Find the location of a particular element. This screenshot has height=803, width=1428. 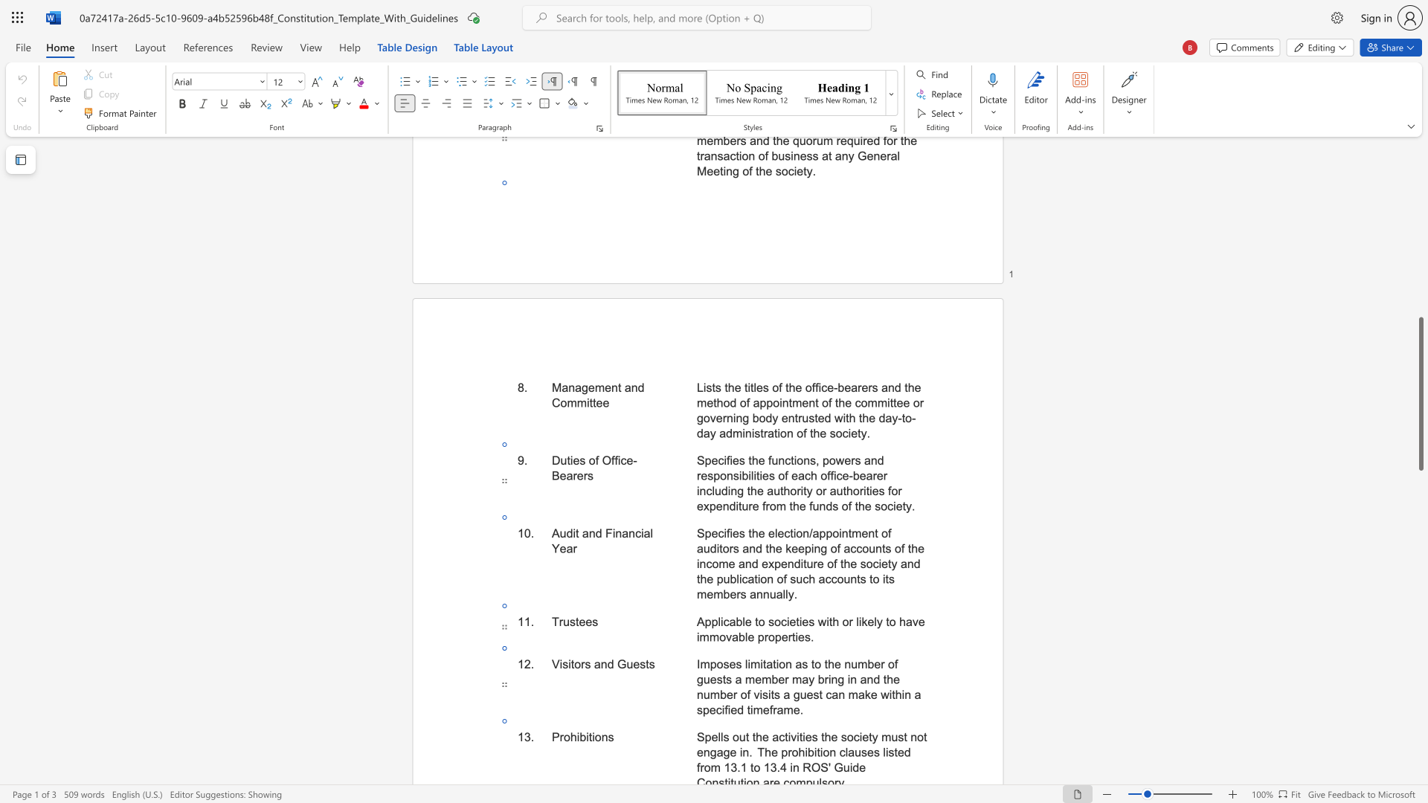

the 6th character "a" in the text is located at coordinates (785, 694).